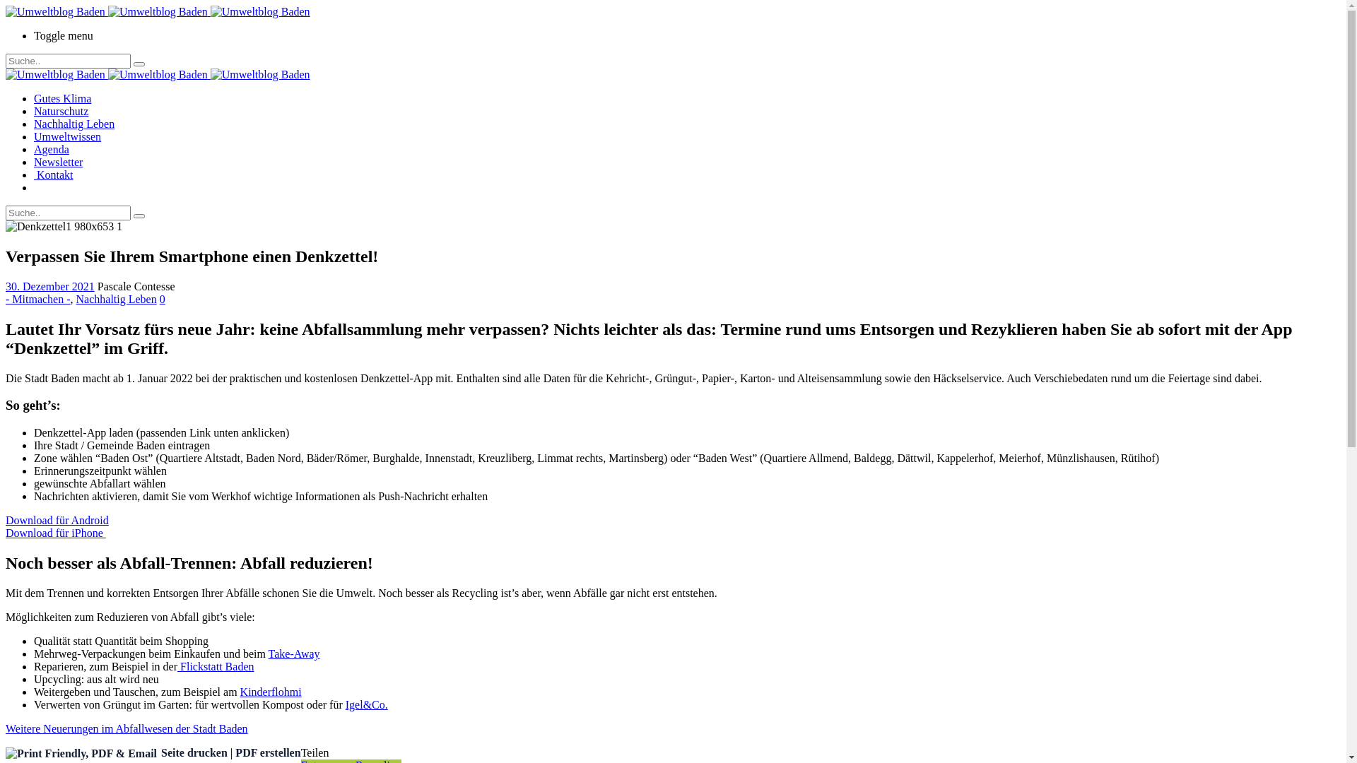 This screenshot has width=1357, height=763. I want to click on 'Take-Away', so click(268, 653).